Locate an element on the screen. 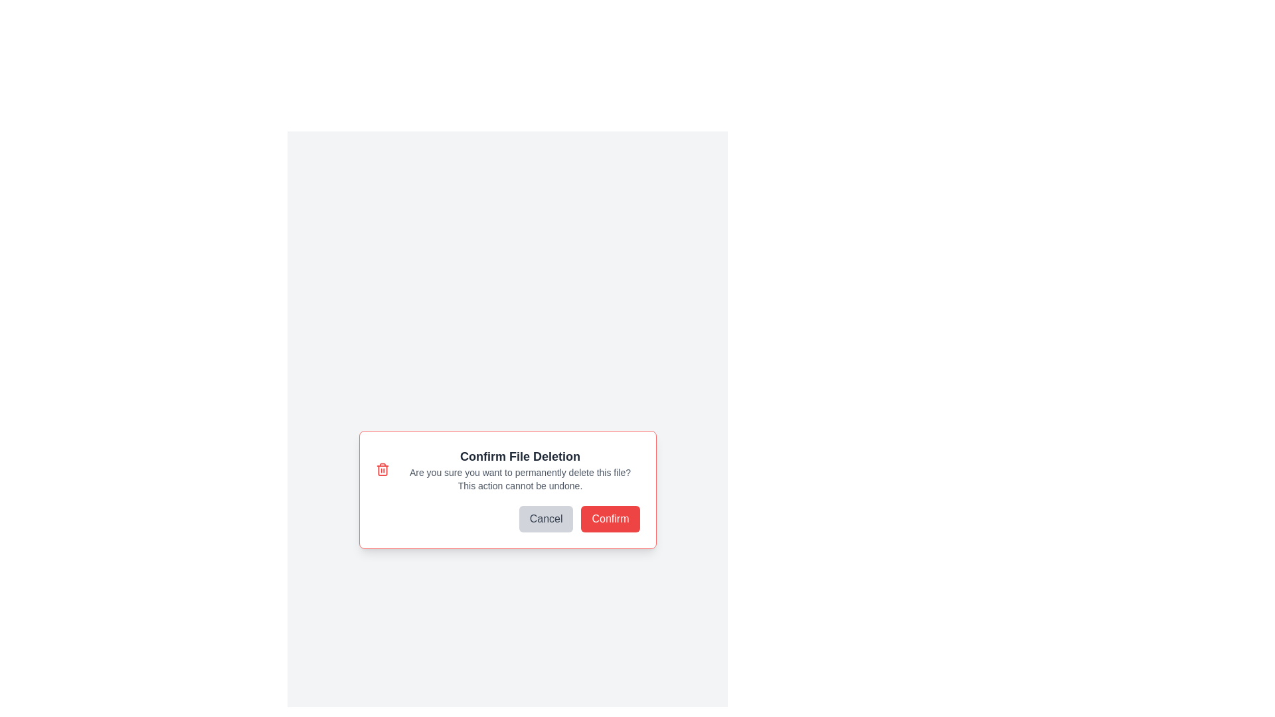 Image resolution: width=1275 pixels, height=717 pixels. the 'Cancel' button, which is a rectangular button with a gray background and rounded corners, located in the bottom-right quadrant of the modal dialog box is located at coordinates (546, 518).